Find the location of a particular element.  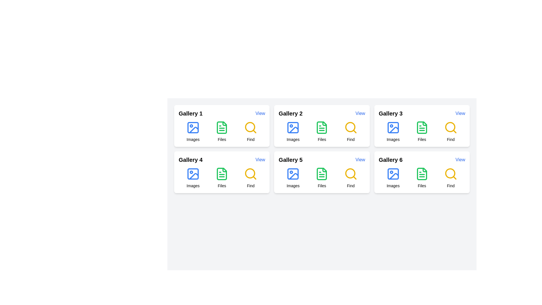

the green document icon labeled 'Files' located in the Gallery 4 section is located at coordinates (222, 177).